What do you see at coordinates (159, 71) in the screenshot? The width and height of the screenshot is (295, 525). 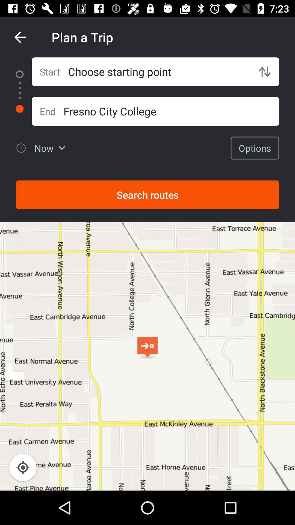 I see `the item below plan a trip icon` at bounding box center [159, 71].